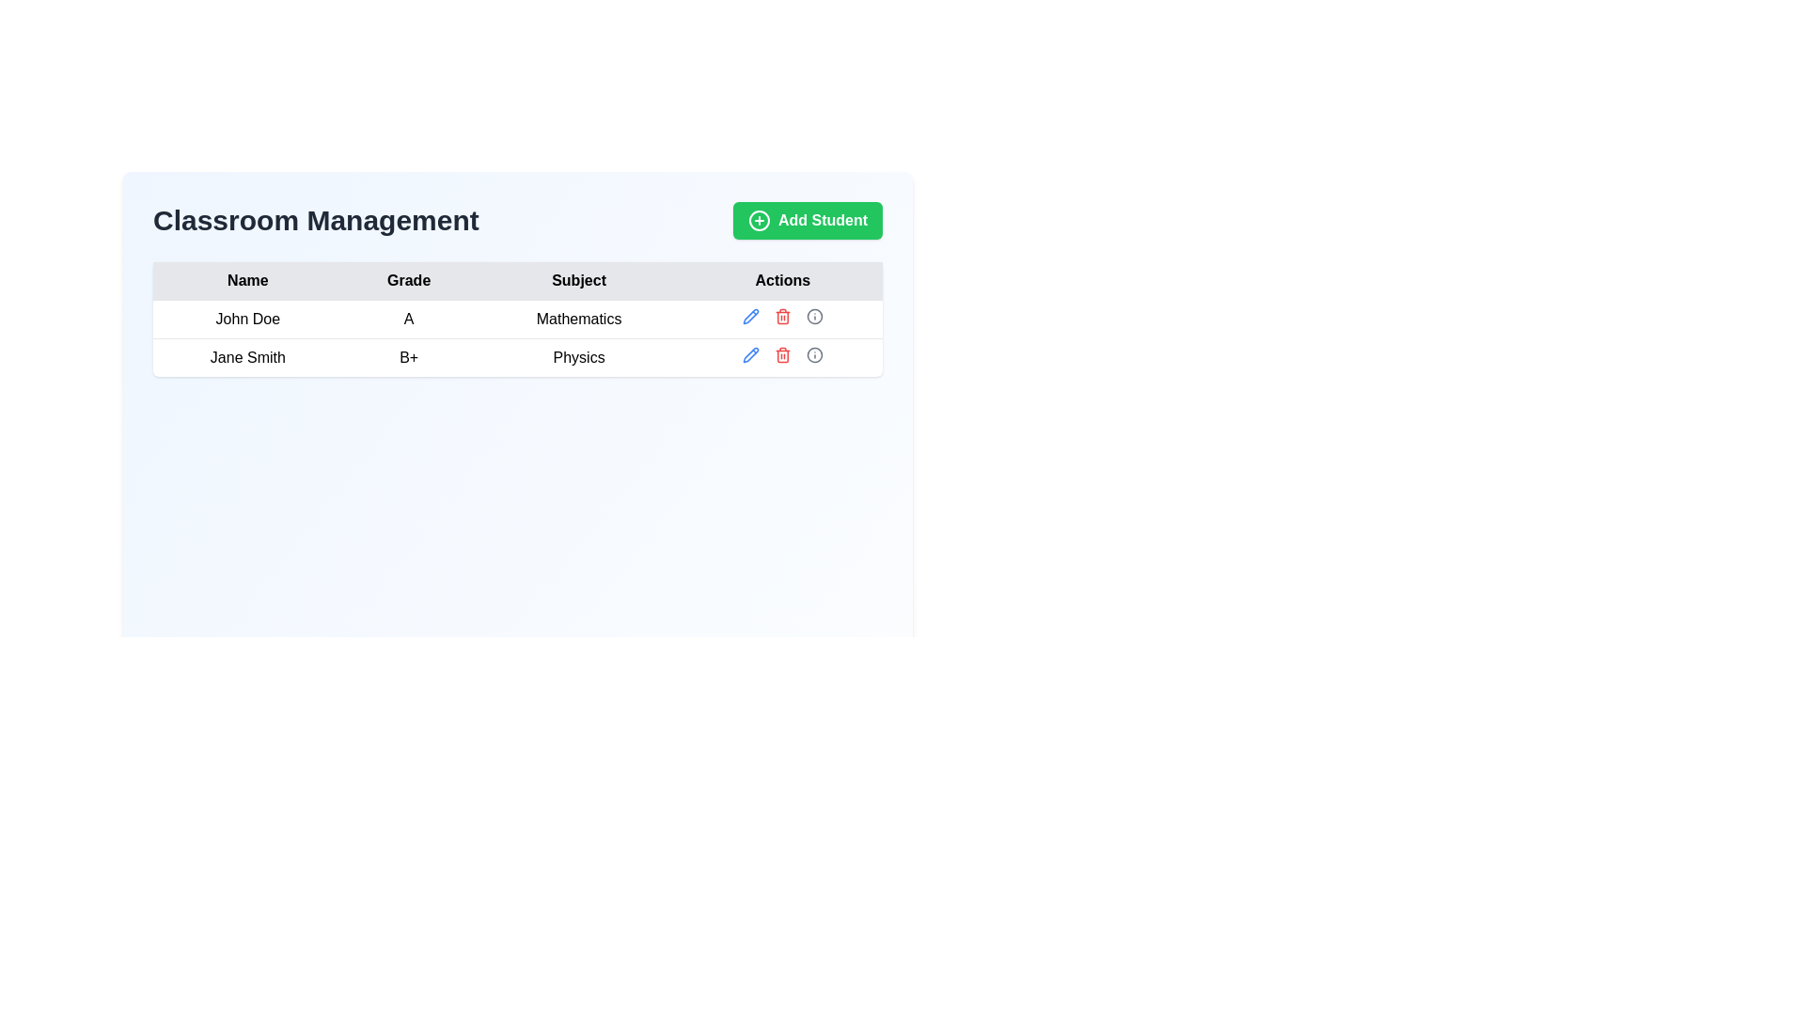  What do you see at coordinates (408, 281) in the screenshot?
I see `the 'Grade' column header in the table interface, which is a light gray rectangular area with bold black text centered in it` at bounding box center [408, 281].